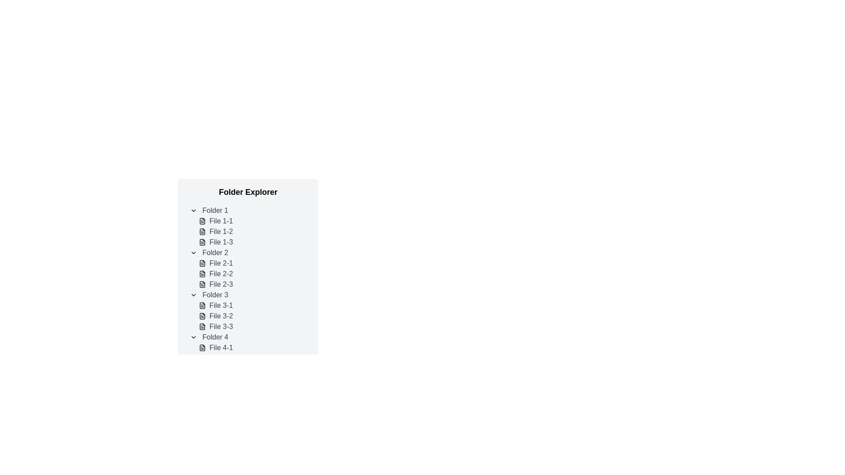 This screenshot has width=845, height=475. Describe the element at coordinates (202, 285) in the screenshot. I see `the document icon next to the text label 'File 2-3' under 'Folder 2' in the file explorer interface` at that location.